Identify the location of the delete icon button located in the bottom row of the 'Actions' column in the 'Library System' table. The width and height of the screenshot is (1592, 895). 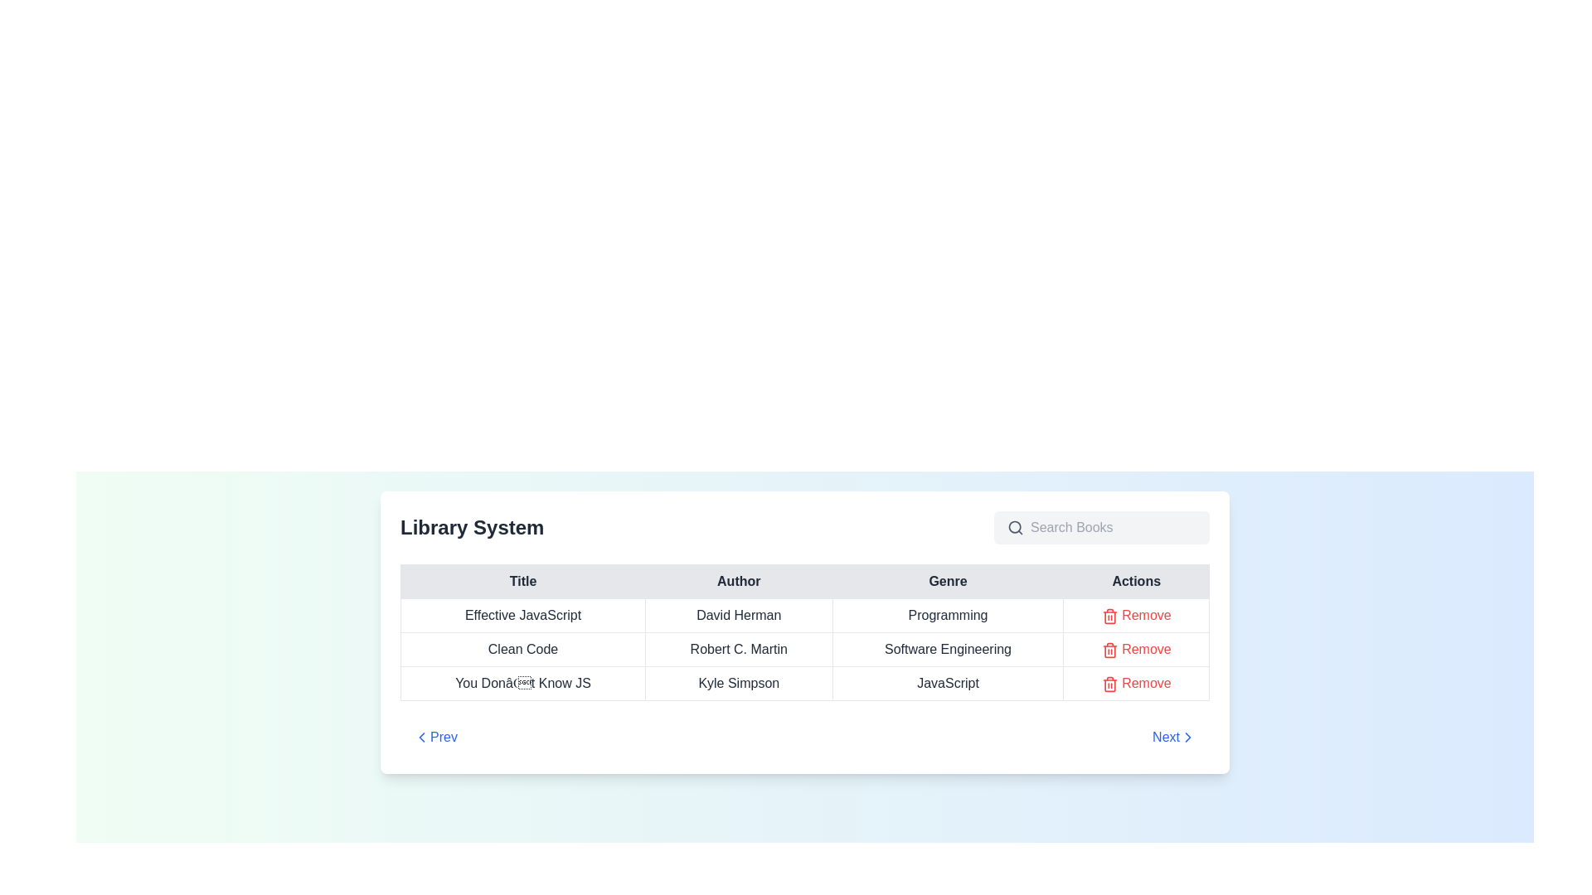
(1109, 684).